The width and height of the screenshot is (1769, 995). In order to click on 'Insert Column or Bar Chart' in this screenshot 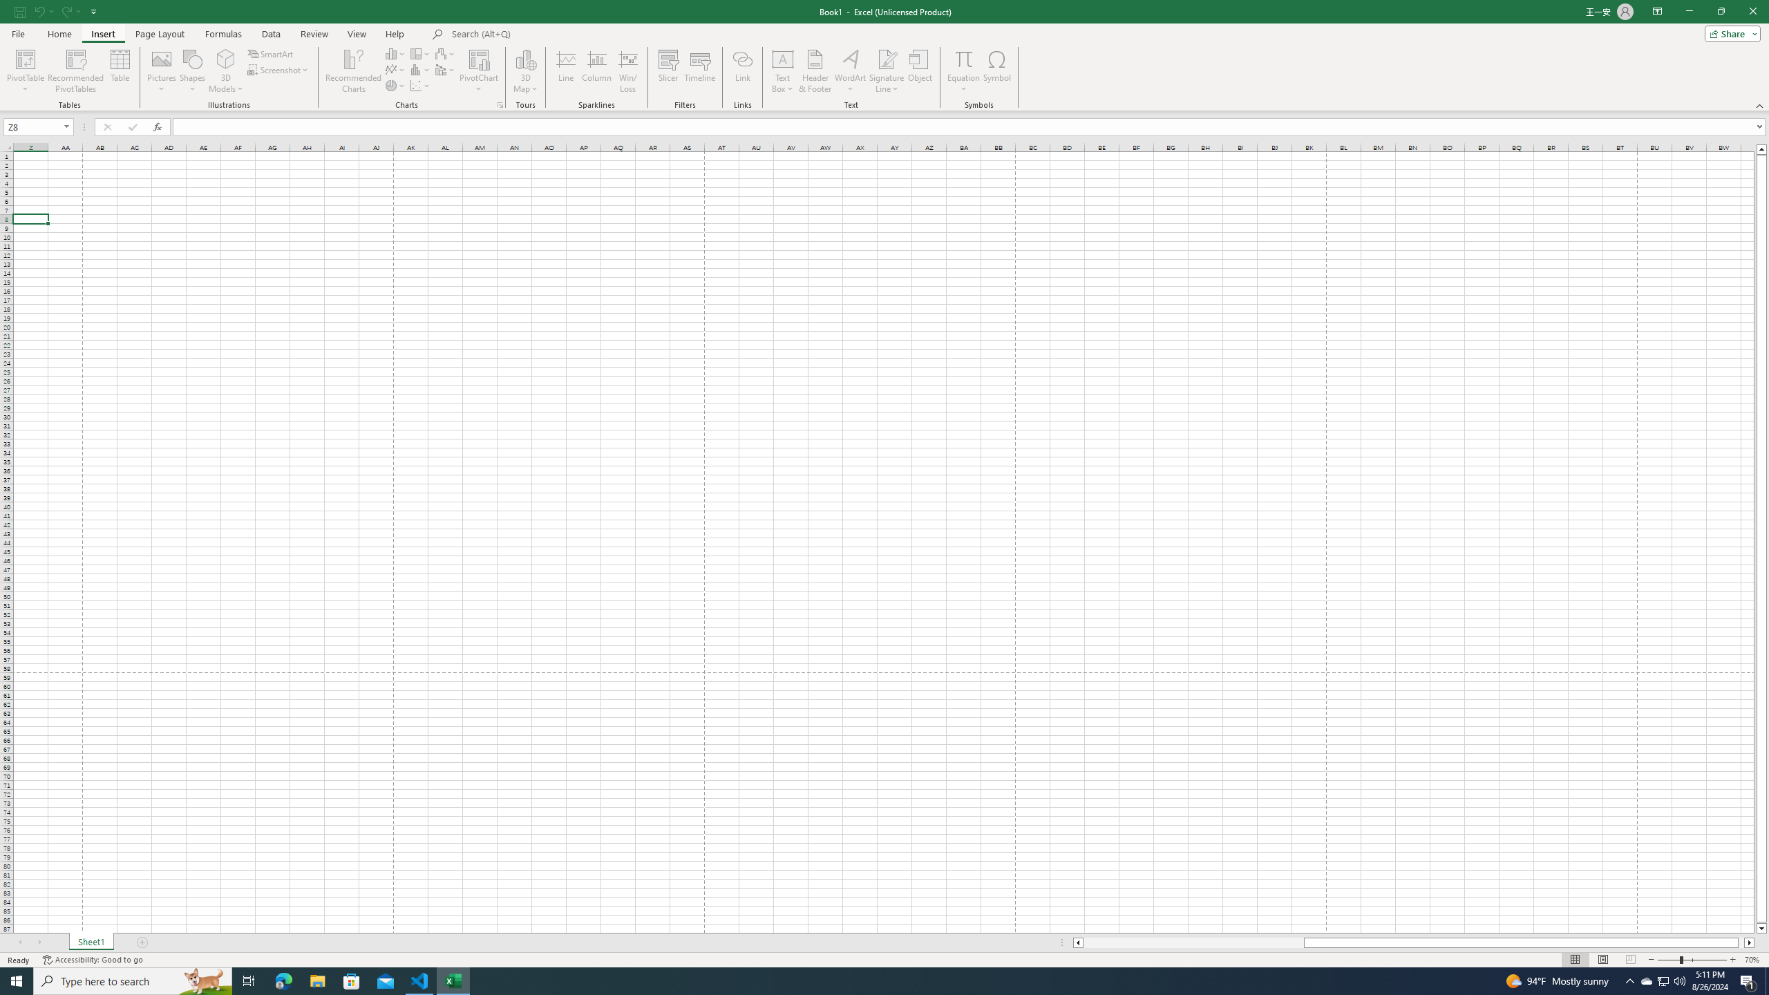, I will do `click(395, 53)`.